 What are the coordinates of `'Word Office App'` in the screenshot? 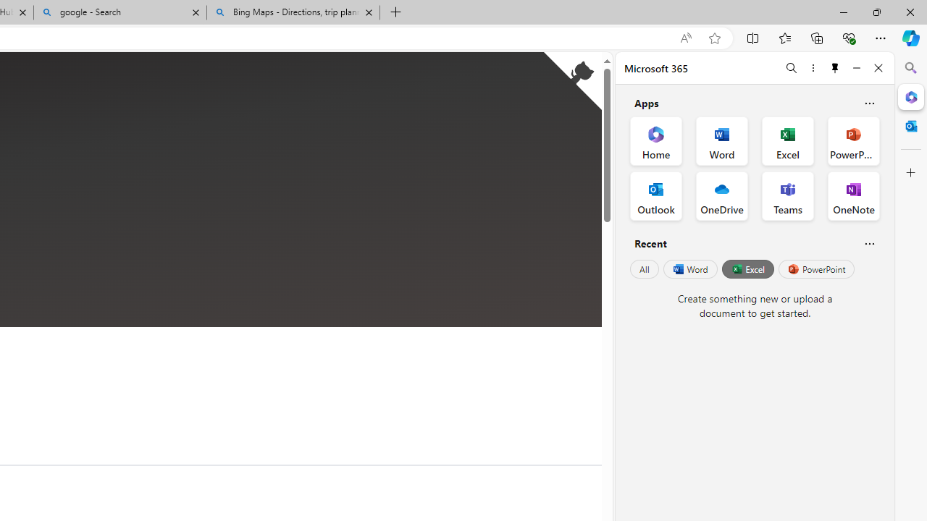 It's located at (722, 141).